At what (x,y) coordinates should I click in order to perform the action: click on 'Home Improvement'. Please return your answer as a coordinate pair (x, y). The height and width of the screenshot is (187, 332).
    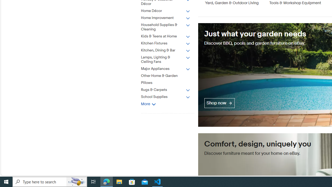
    Looking at the image, I should click on (165, 18).